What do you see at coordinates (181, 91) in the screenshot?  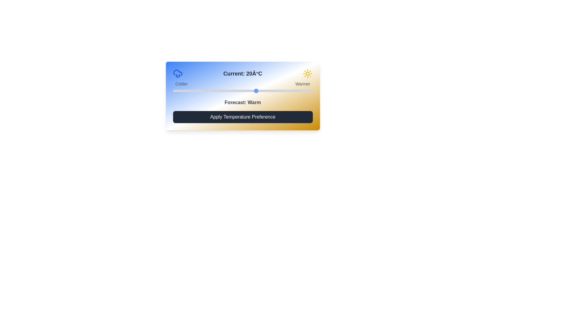 I see `the temperature slider to -7 degrees` at bounding box center [181, 91].